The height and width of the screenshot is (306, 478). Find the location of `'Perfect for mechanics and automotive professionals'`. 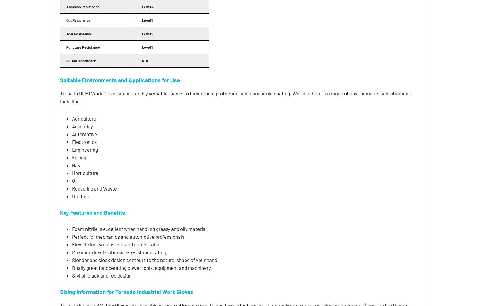

'Perfect for mechanics and automotive professionals' is located at coordinates (128, 236).